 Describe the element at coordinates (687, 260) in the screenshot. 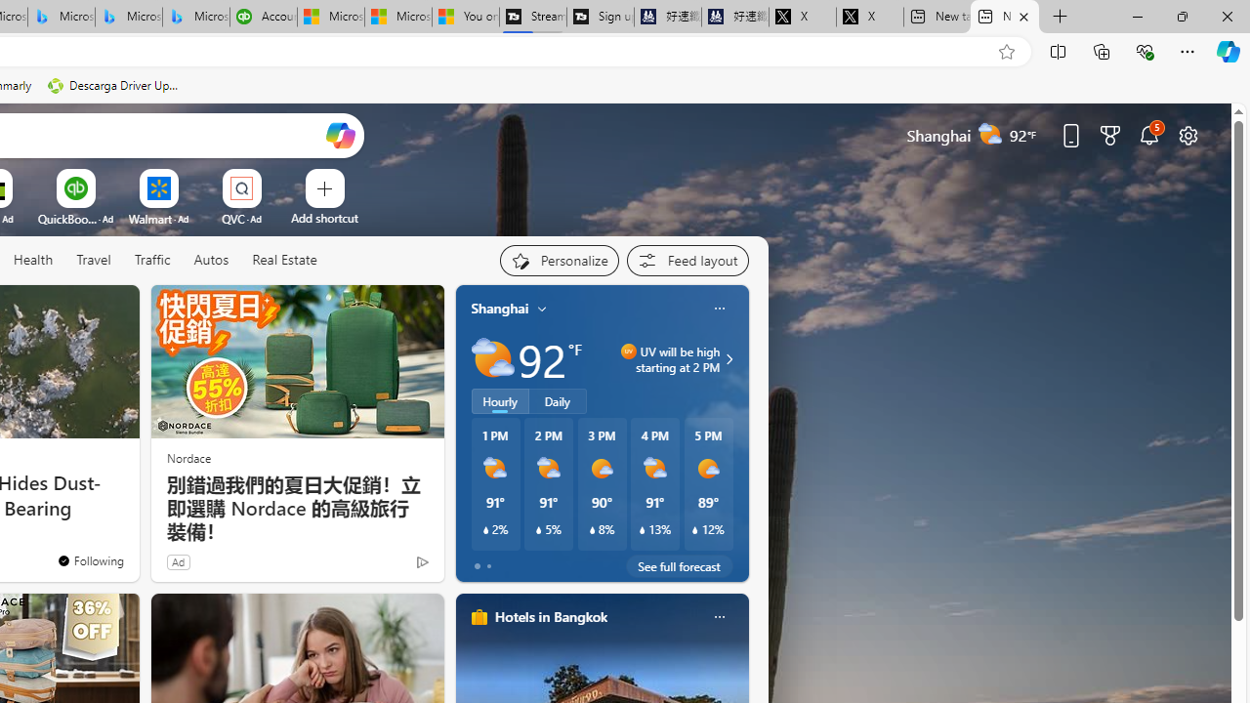

I see `'Feed settings'` at that location.